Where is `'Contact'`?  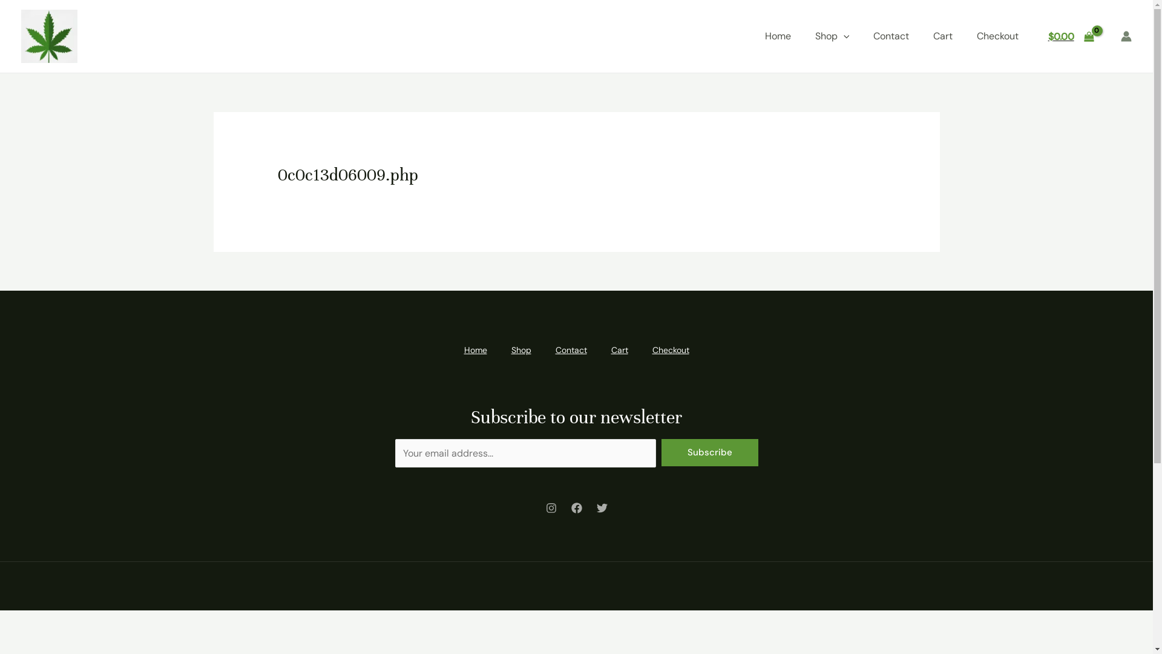 'Contact' is located at coordinates (891, 36).